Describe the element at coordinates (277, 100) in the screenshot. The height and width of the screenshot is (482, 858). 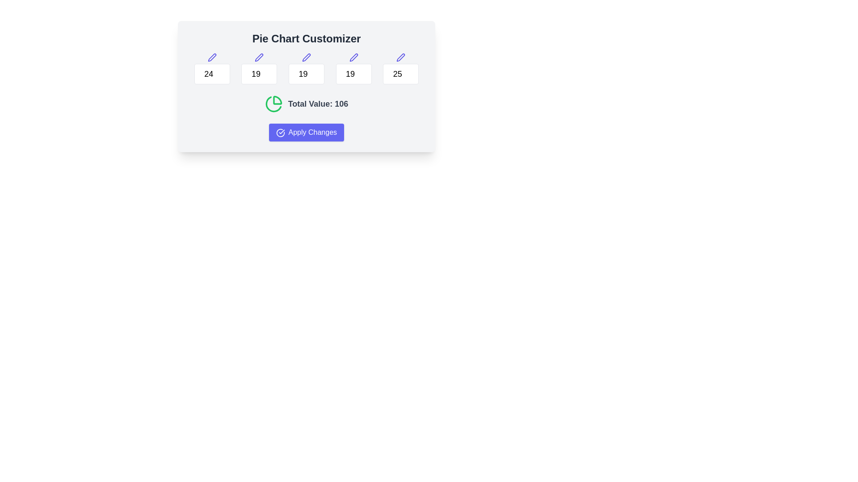
I see `the first segment of the pie chart, which is depicted as a curved section with a green stroke, located under the 'Total Value: 106' label` at that location.